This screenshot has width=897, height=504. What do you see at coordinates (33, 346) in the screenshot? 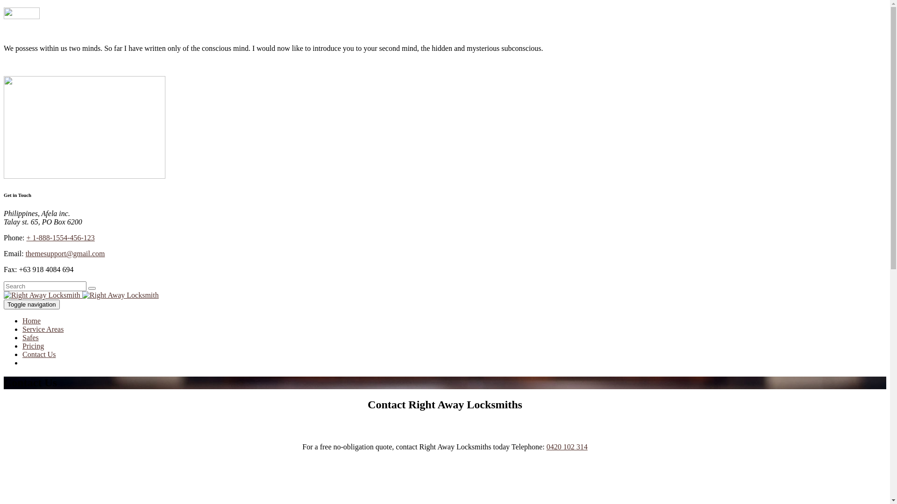
I see `'Pricing'` at bounding box center [33, 346].